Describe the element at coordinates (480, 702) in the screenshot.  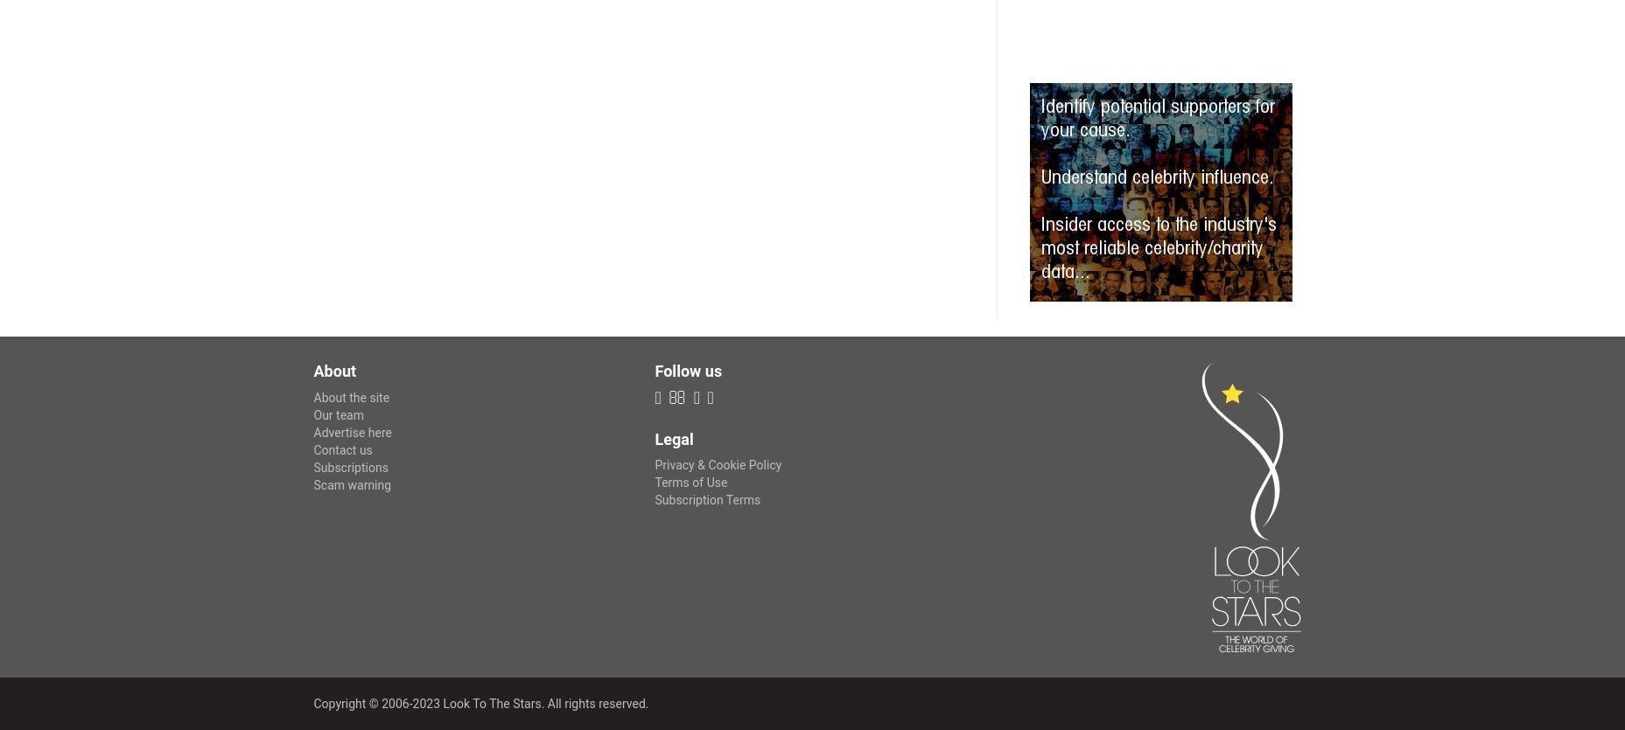
I see `'Copyright © 2006-2023 Look To The Stars. All rights reserved.'` at that location.